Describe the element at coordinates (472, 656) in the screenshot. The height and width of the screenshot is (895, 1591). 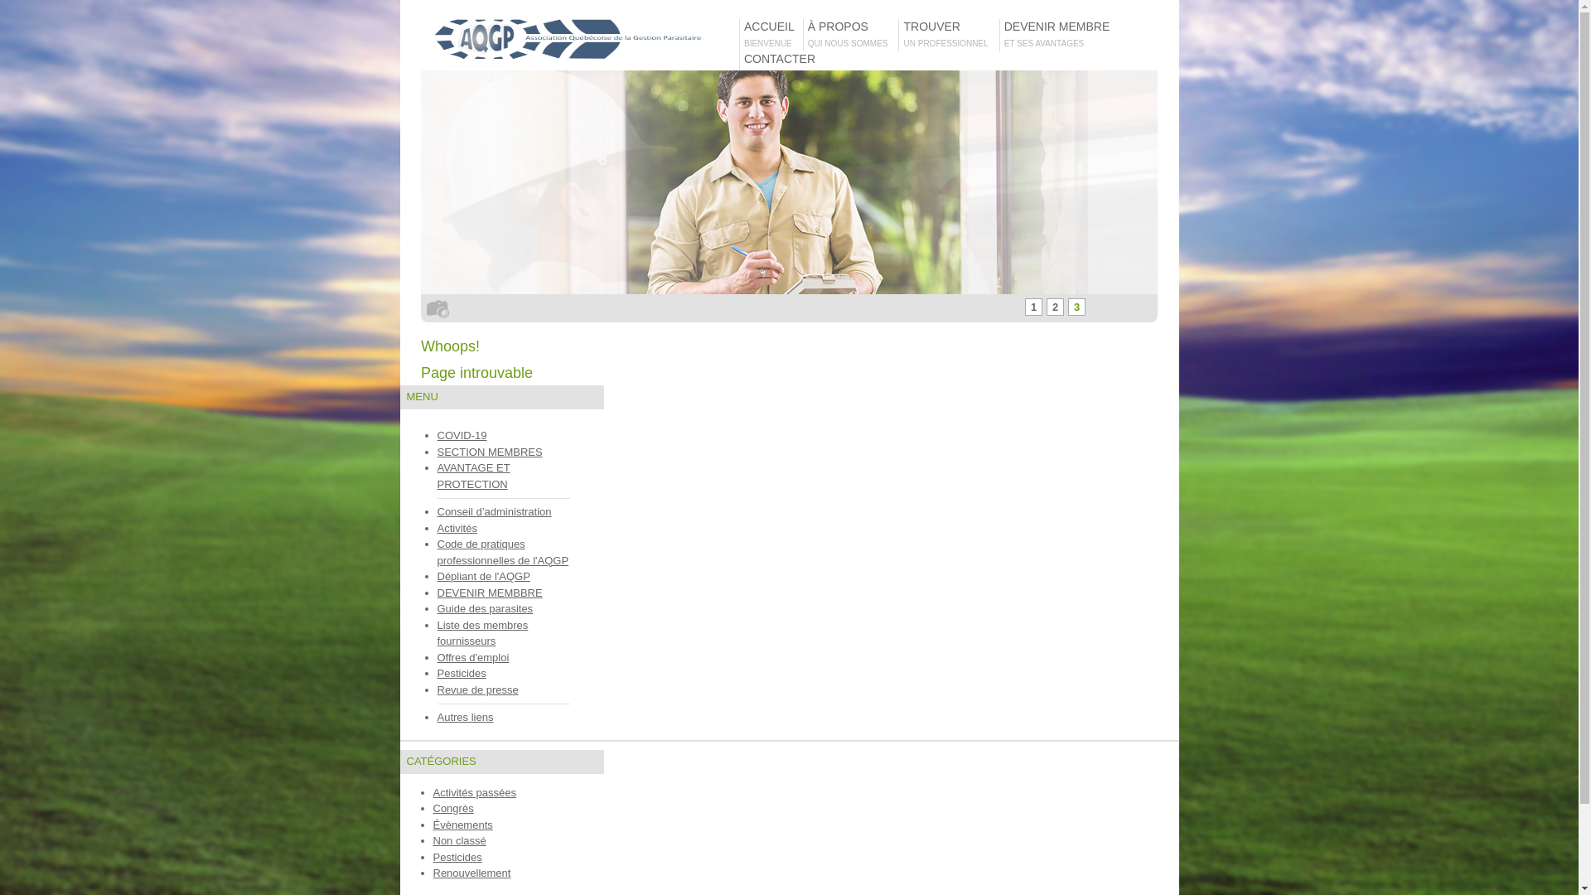
I see `'Offres d'emploi'` at that location.